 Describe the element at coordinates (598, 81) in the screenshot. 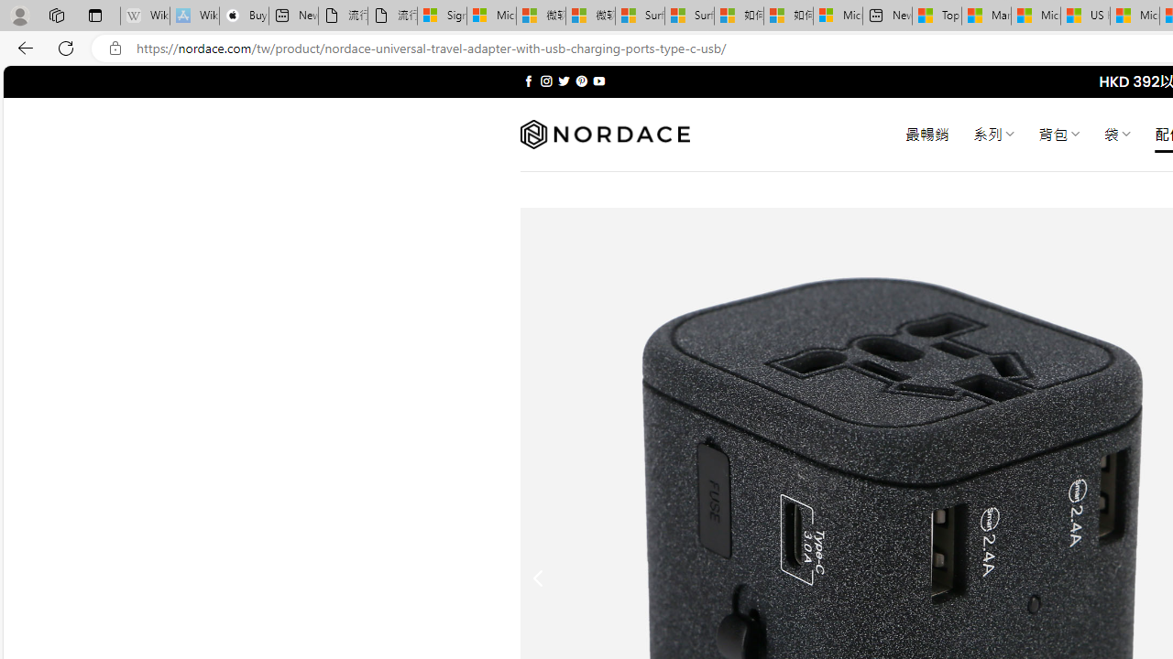

I see `'Follow on YouTube'` at that location.